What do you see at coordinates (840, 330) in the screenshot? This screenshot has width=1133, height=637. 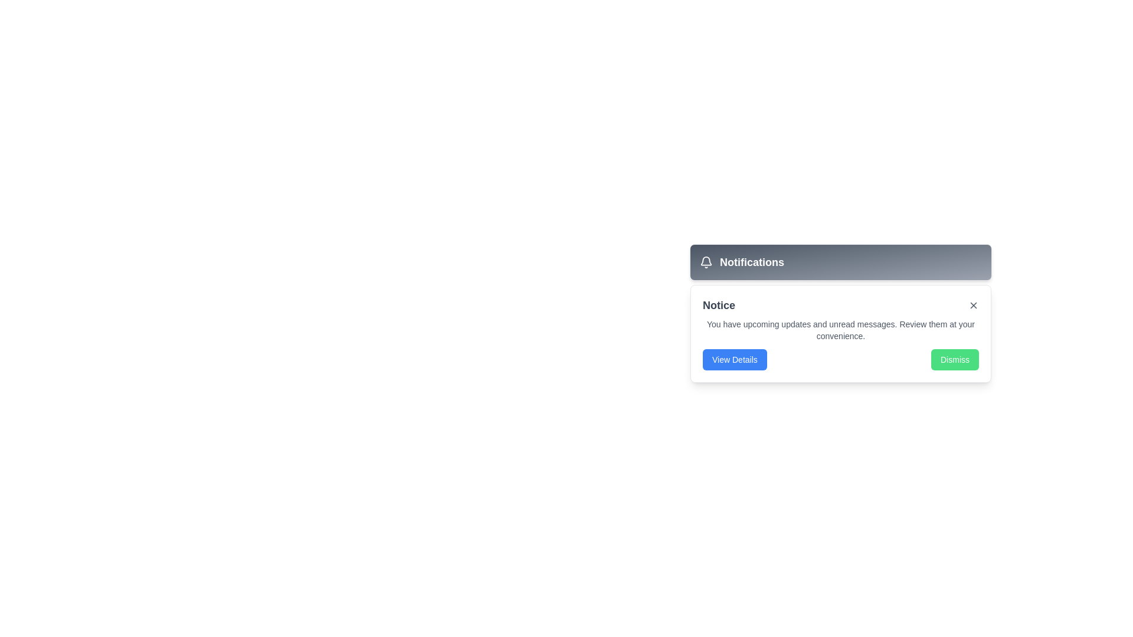 I see `the text paragraph displaying the message 'You have upcoming updates and unread messages. Review them at your convenience.' located centrally within the notification box, below the title 'Notice' and above the buttons 'View Details' and 'Dismiss'` at bounding box center [840, 330].